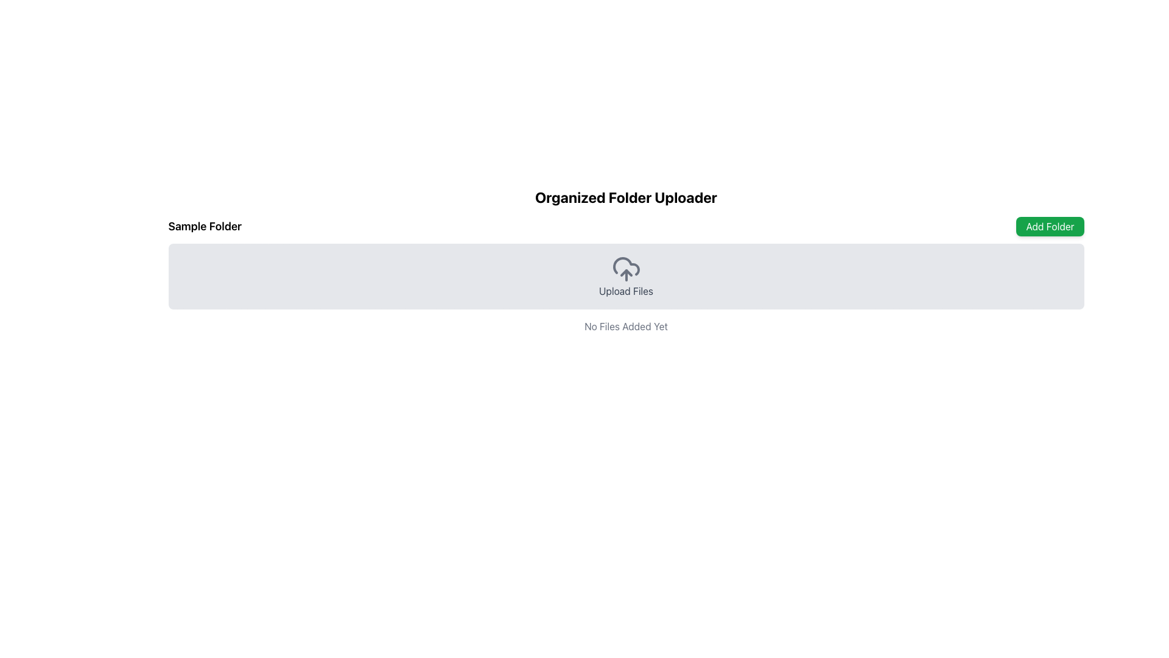 This screenshot has width=1169, height=658. Describe the element at coordinates (205, 226) in the screenshot. I see `text label that displays 'Sample Folder' located at the top left of the interface in a large, bold font` at that location.